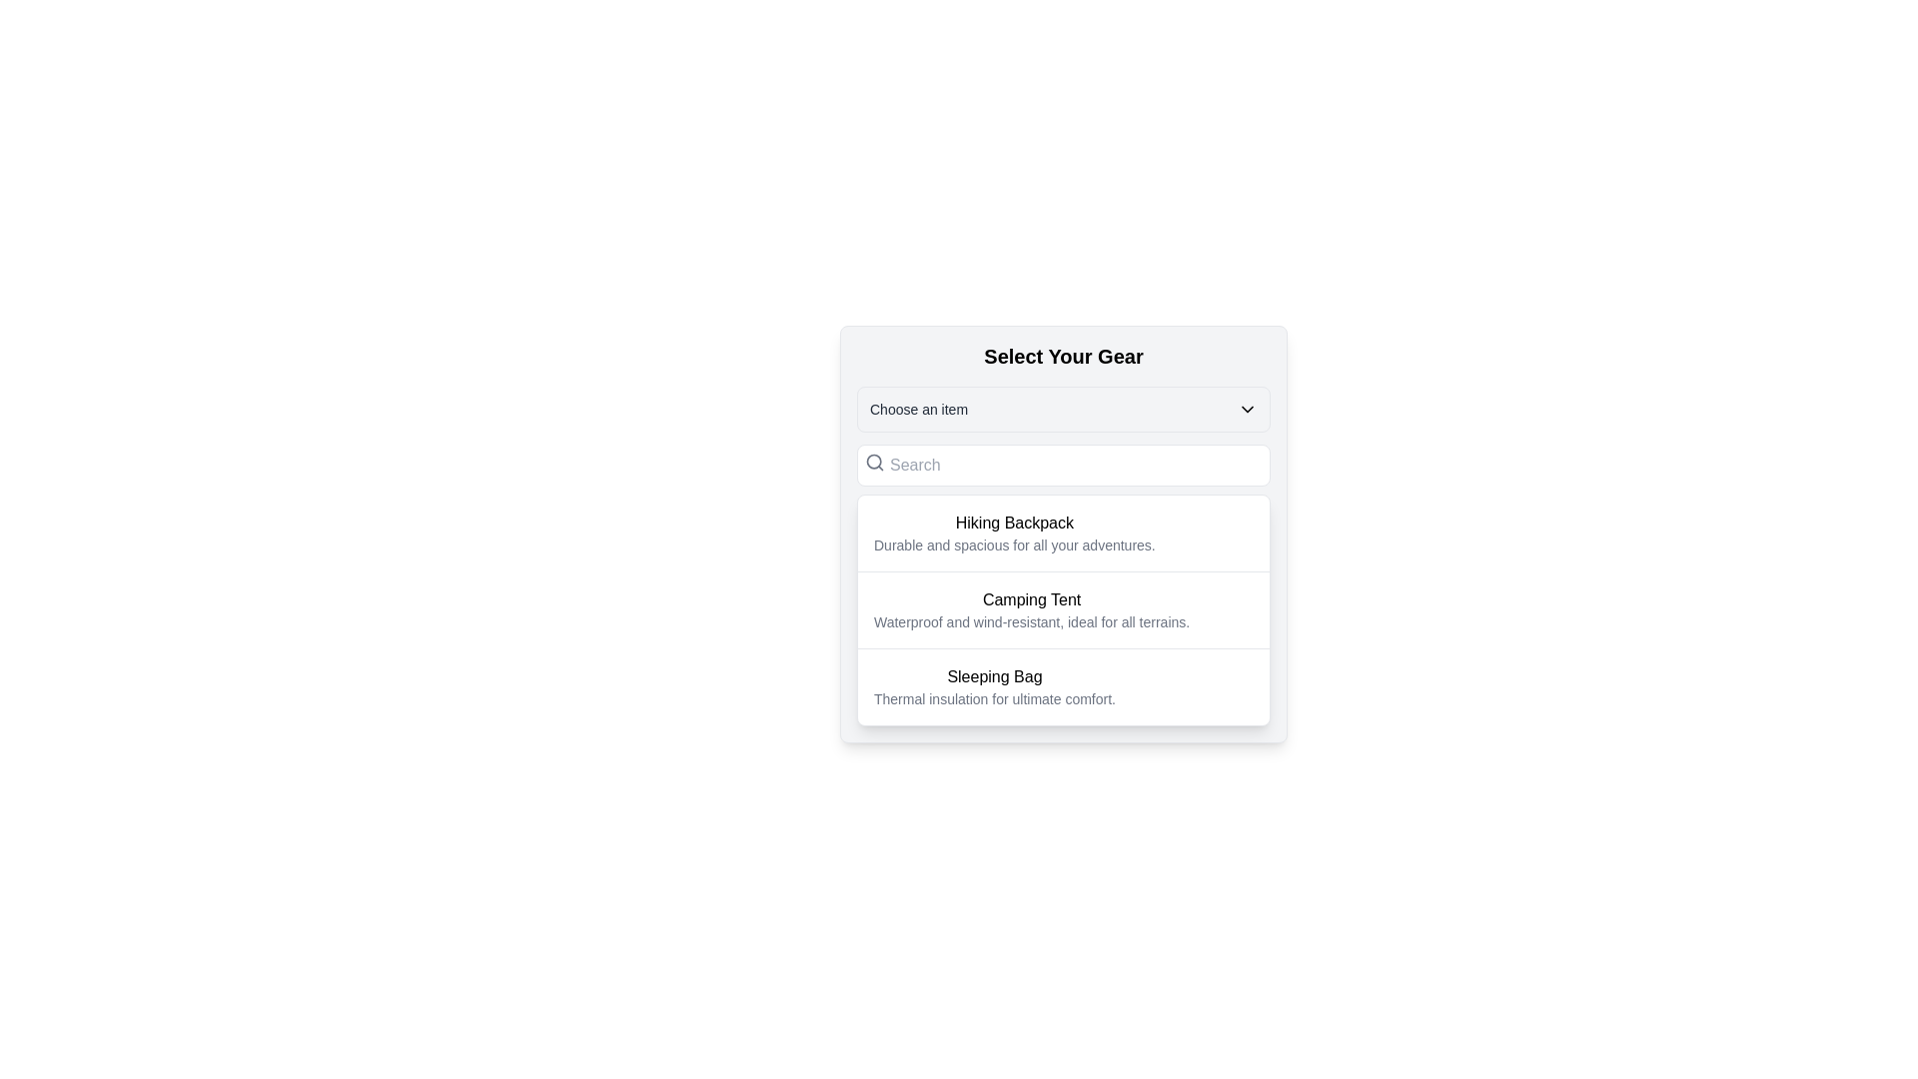 The height and width of the screenshot is (1079, 1918). What do you see at coordinates (994, 697) in the screenshot?
I see `the textual description that reads 'Thermal insulation for ultimate comfort.' which is styled with small, gray-colored font and positioned below the title 'Sleeping Bag'` at bounding box center [994, 697].